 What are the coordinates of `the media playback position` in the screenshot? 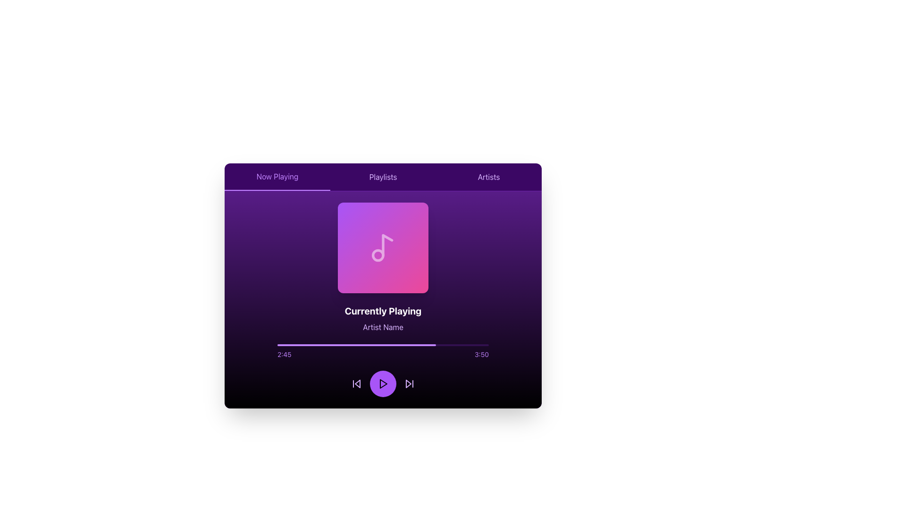 It's located at (415, 345).